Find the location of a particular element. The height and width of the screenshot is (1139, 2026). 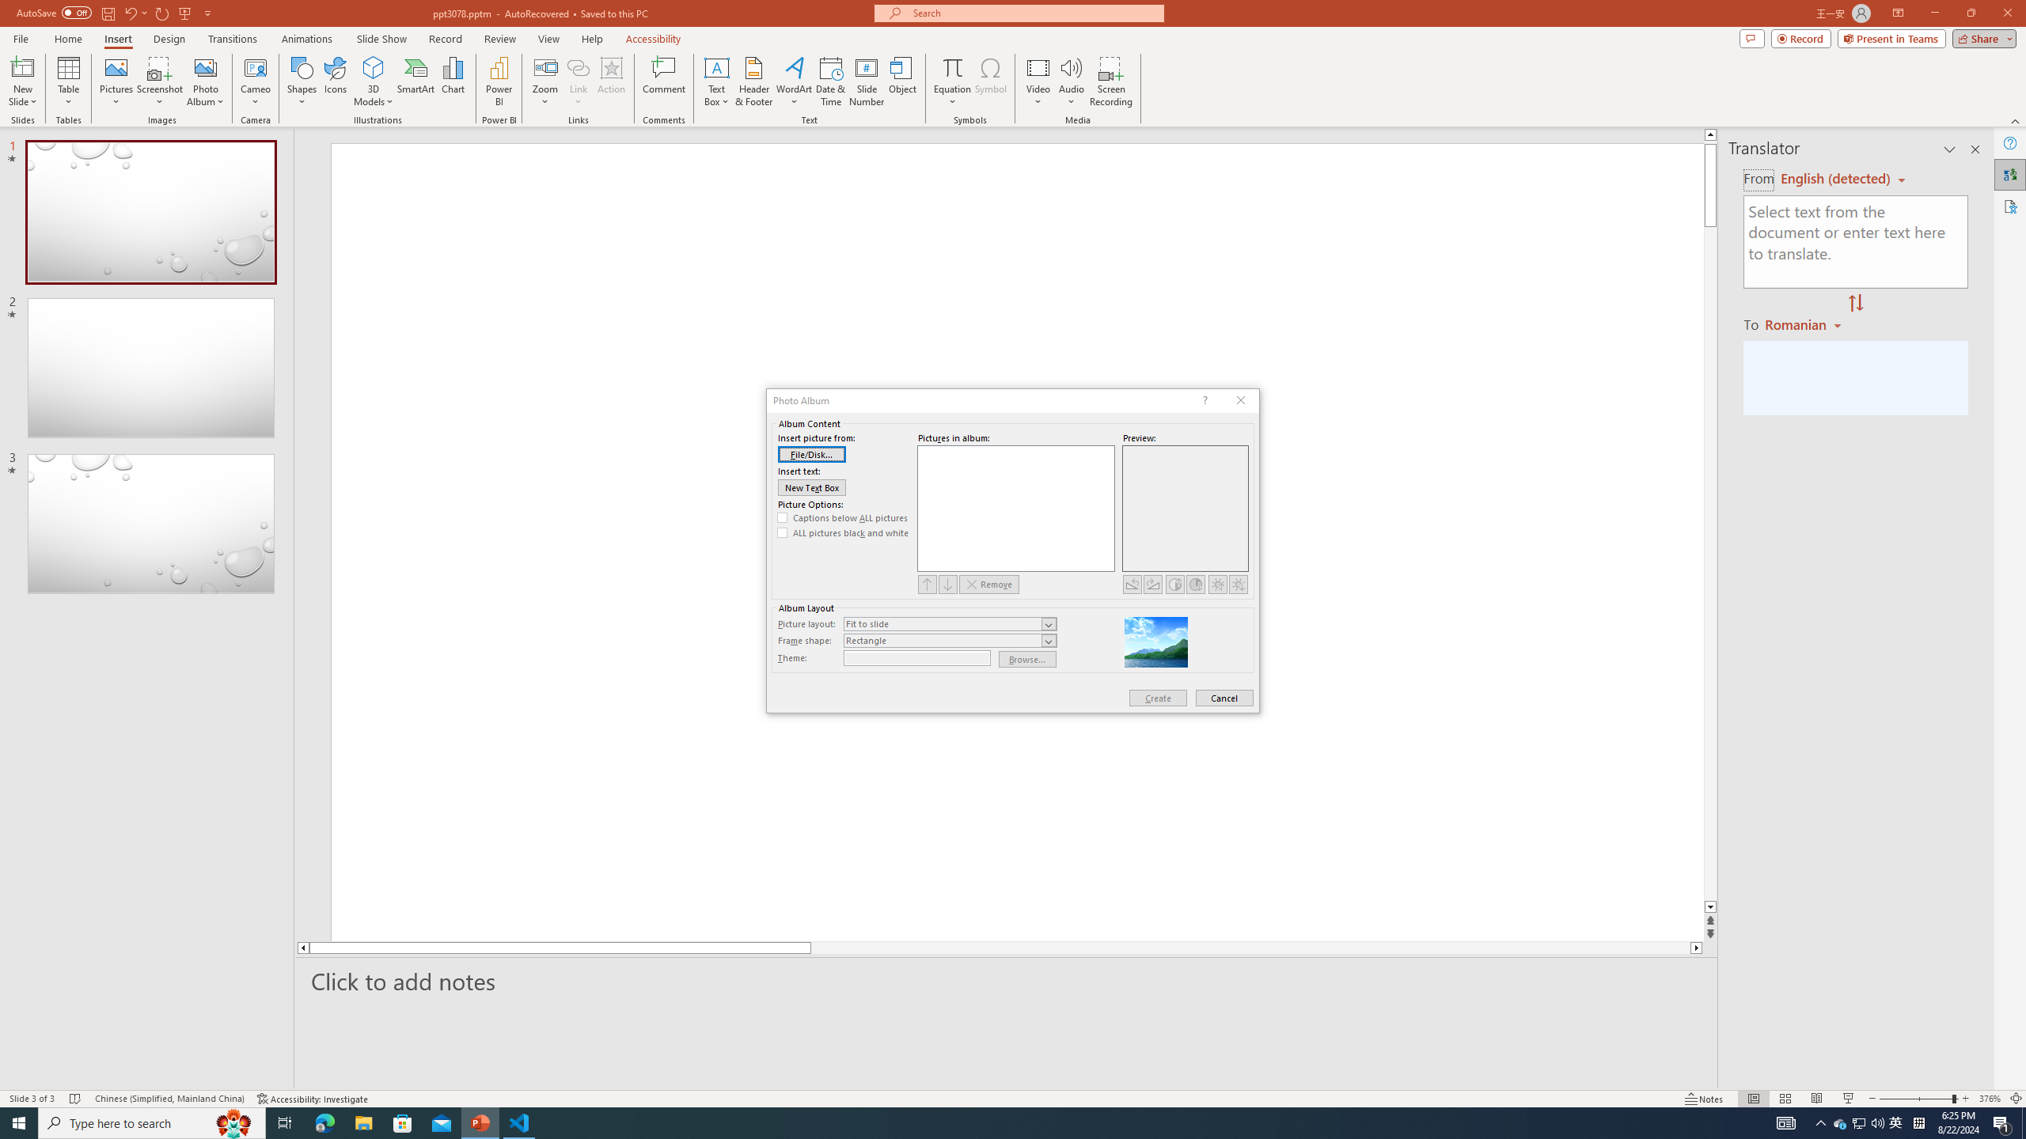

'Context help' is located at coordinates (1203, 399).